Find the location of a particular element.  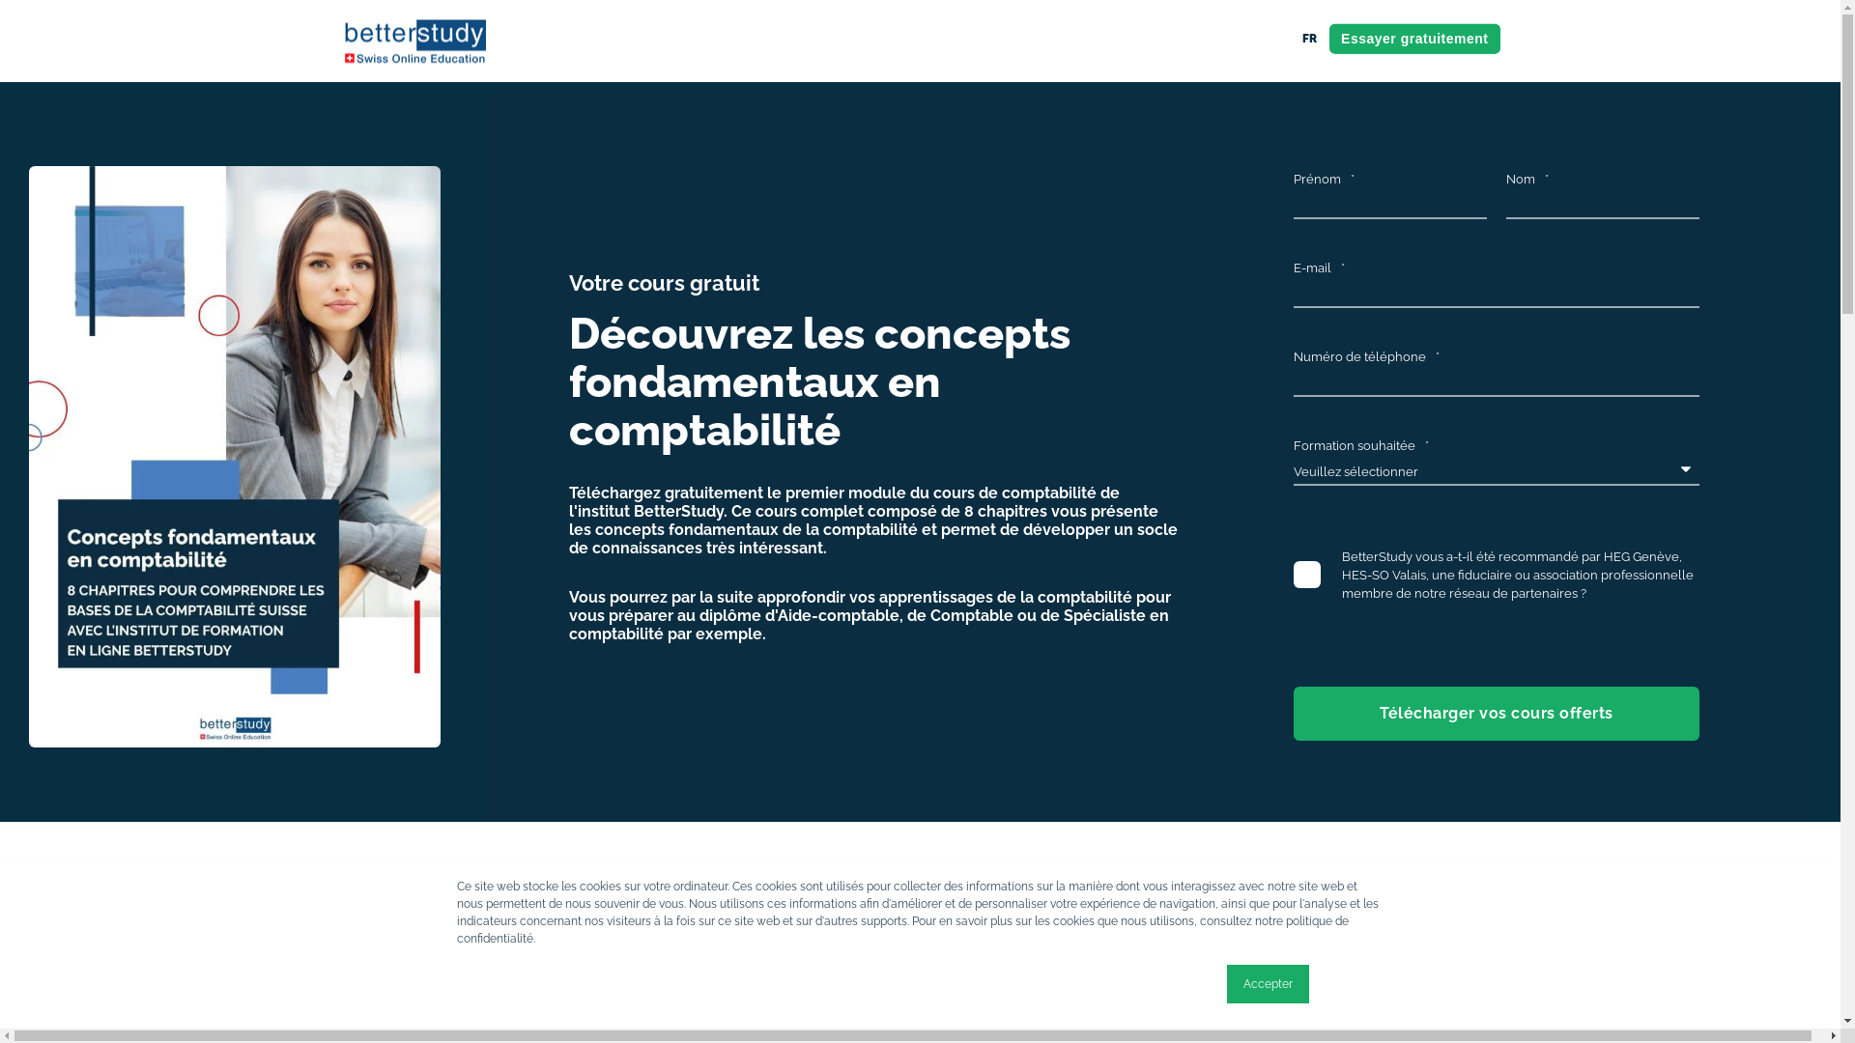

'logo' is located at coordinates (412, 41).